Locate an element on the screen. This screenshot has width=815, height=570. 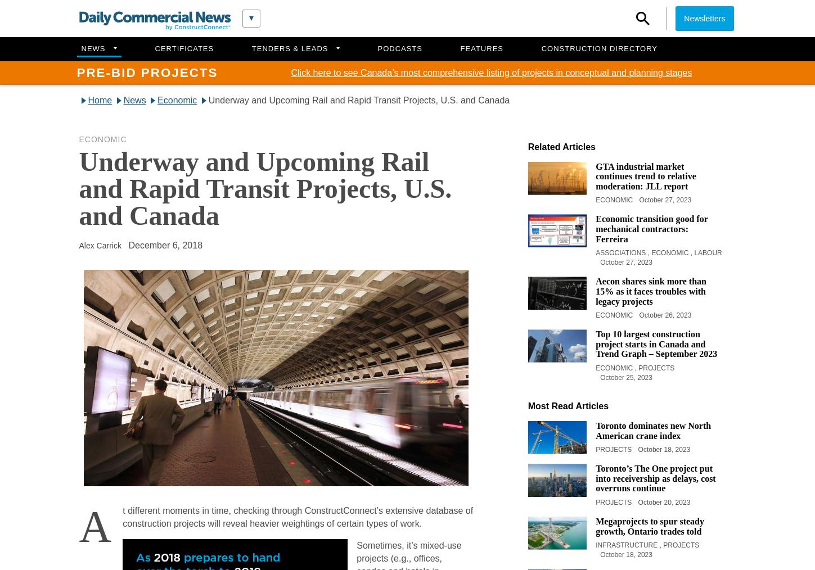
'October 25, 2023' is located at coordinates (625, 377).